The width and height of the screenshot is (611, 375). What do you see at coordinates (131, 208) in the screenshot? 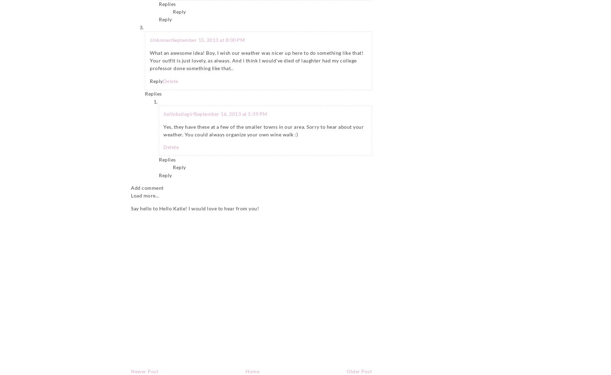
I see `'Say hello to Hello Katie! I would love to hear from you!'` at bounding box center [131, 208].